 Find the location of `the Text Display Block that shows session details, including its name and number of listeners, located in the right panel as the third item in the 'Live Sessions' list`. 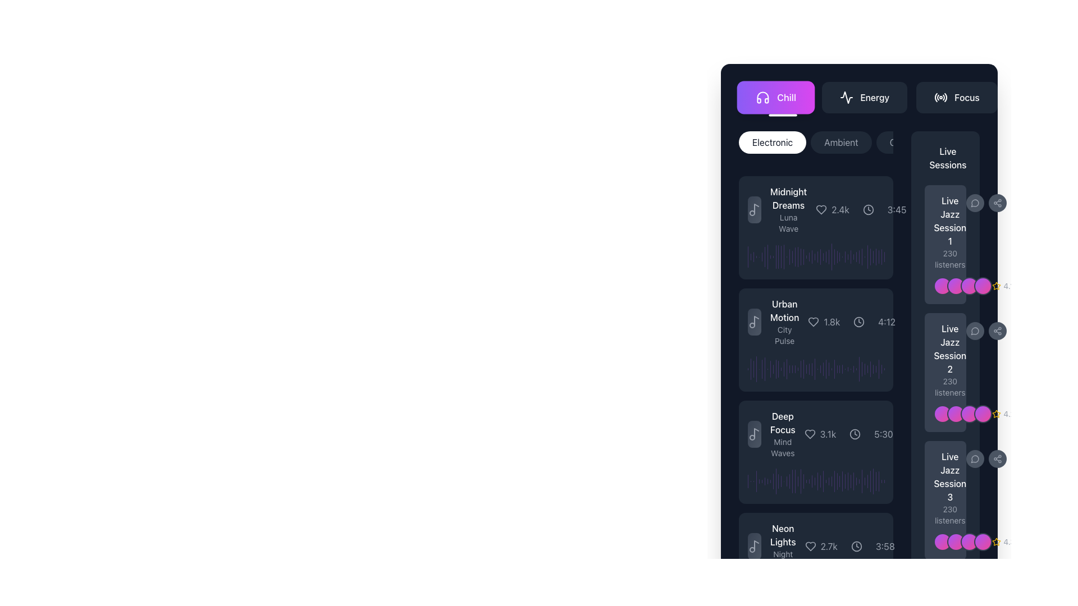

the Text Display Block that shows session details, including its name and number of listeners, located in the right panel as the third item in the 'Live Sessions' list is located at coordinates (949, 488).